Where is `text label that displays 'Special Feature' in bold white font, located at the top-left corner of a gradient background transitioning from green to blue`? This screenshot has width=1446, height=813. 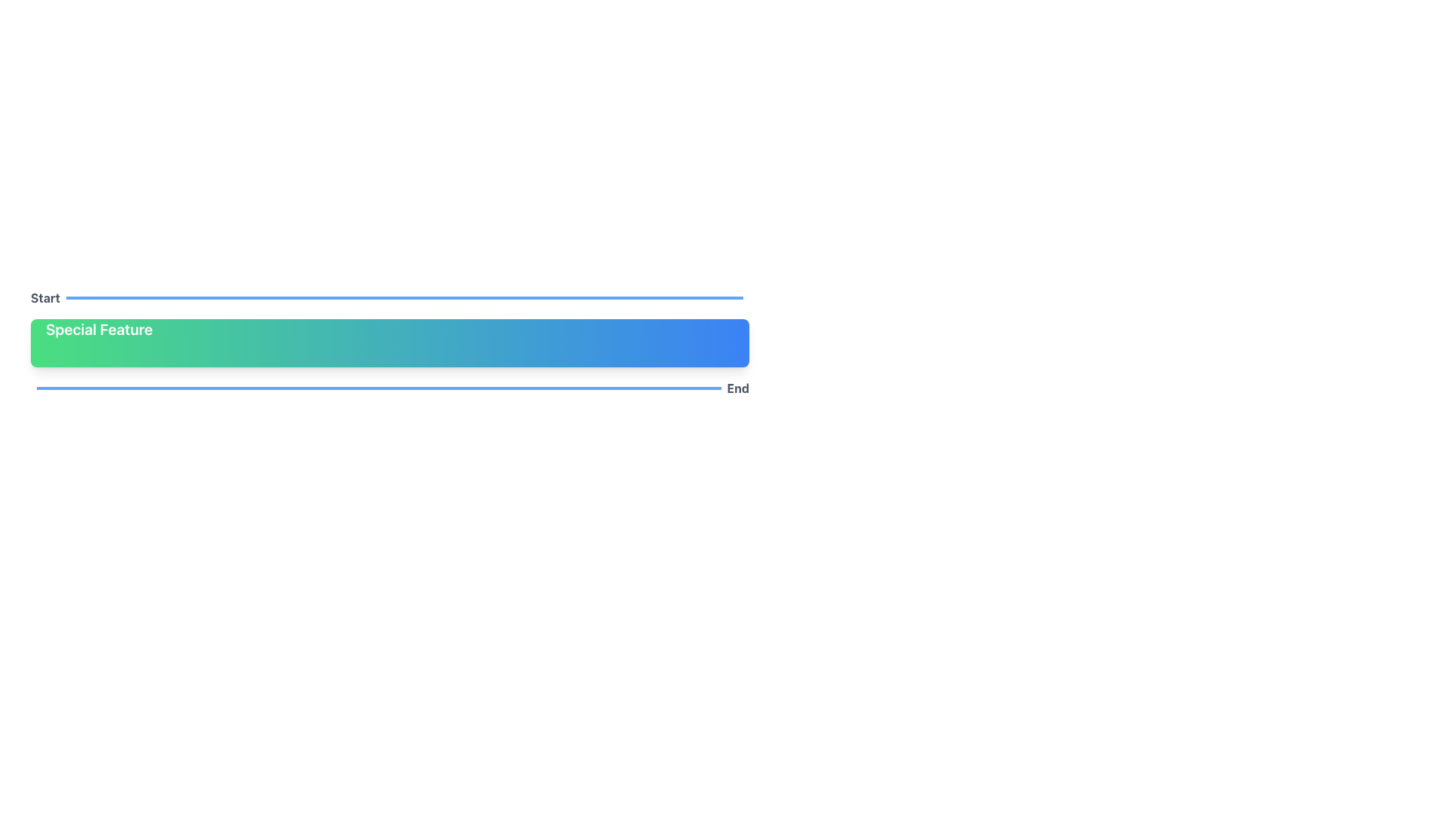 text label that displays 'Special Feature' in bold white font, located at the top-left corner of a gradient background transitioning from green to blue is located at coordinates (98, 329).